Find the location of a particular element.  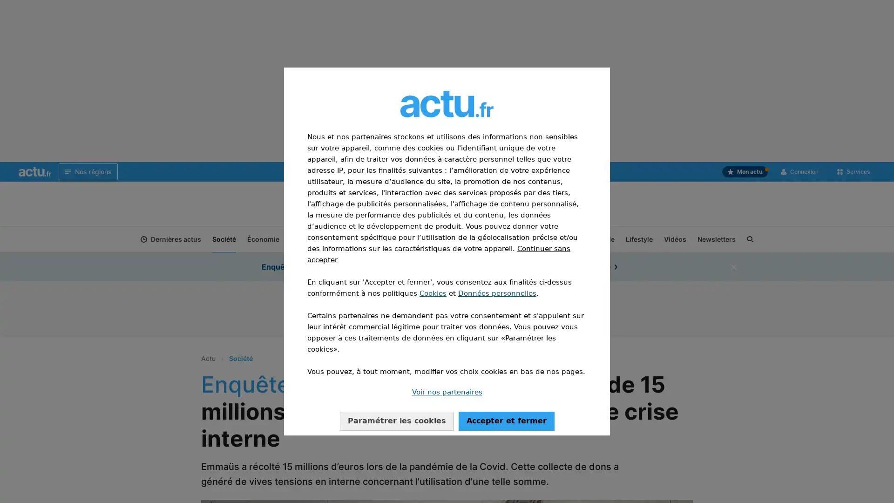

Nos regions is located at coordinates (88, 172).